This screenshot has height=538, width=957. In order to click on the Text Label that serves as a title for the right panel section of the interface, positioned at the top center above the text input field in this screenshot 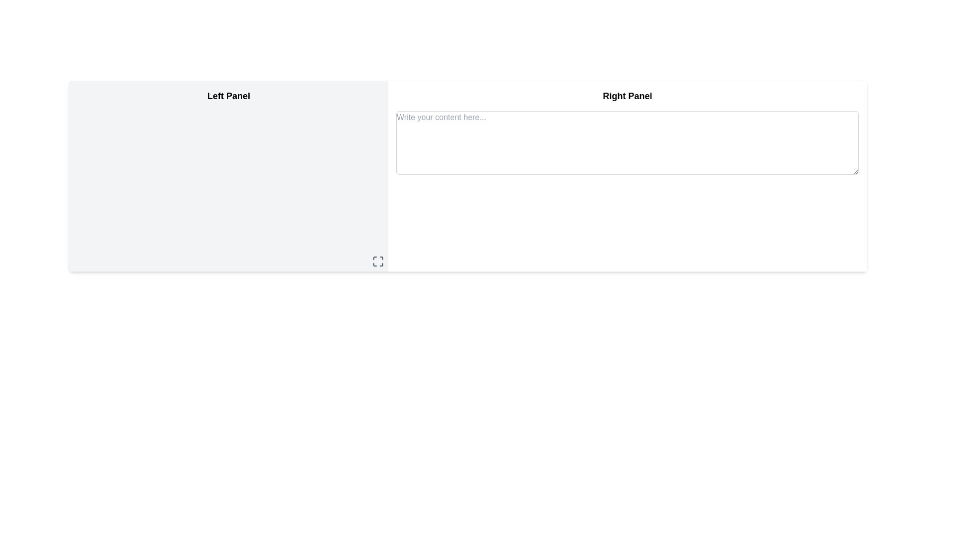, I will do `click(627, 96)`.